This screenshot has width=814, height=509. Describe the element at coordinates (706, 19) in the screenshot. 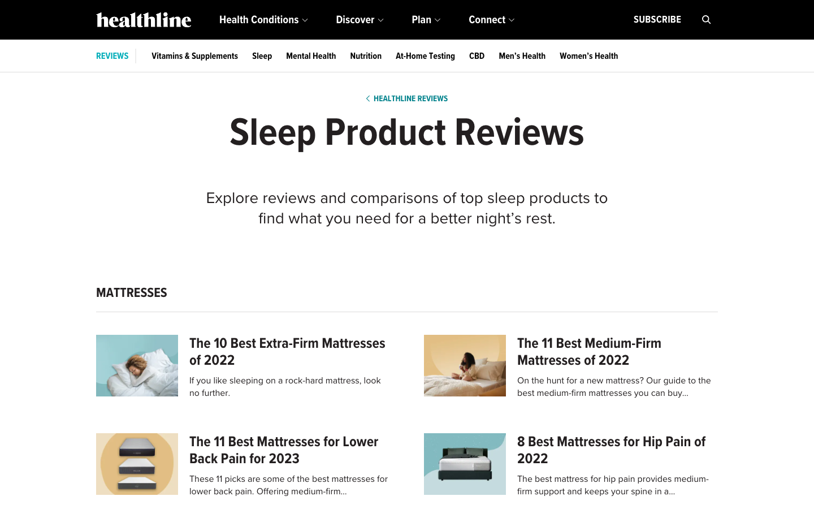

I see `Use the search bar for searching about mattresses` at that location.